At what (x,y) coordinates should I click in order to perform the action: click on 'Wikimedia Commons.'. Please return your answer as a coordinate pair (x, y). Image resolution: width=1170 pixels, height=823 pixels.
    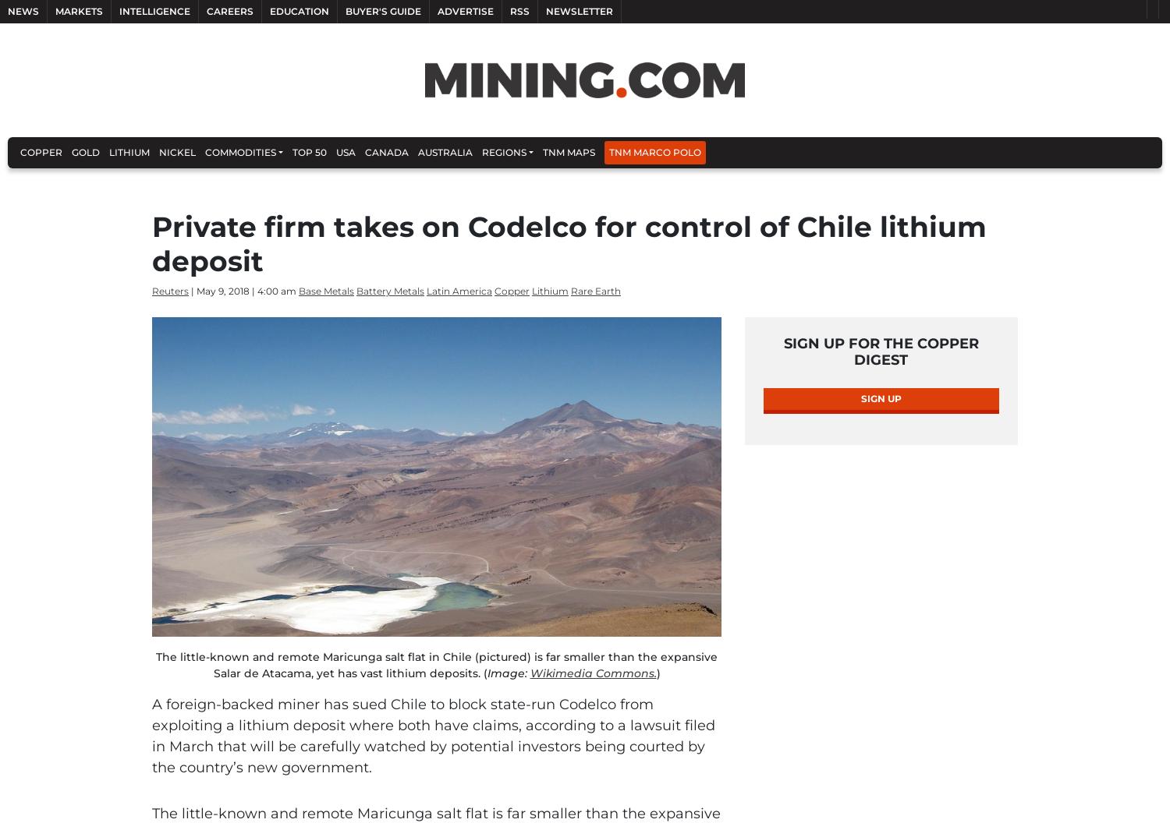
    Looking at the image, I should click on (593, 673).